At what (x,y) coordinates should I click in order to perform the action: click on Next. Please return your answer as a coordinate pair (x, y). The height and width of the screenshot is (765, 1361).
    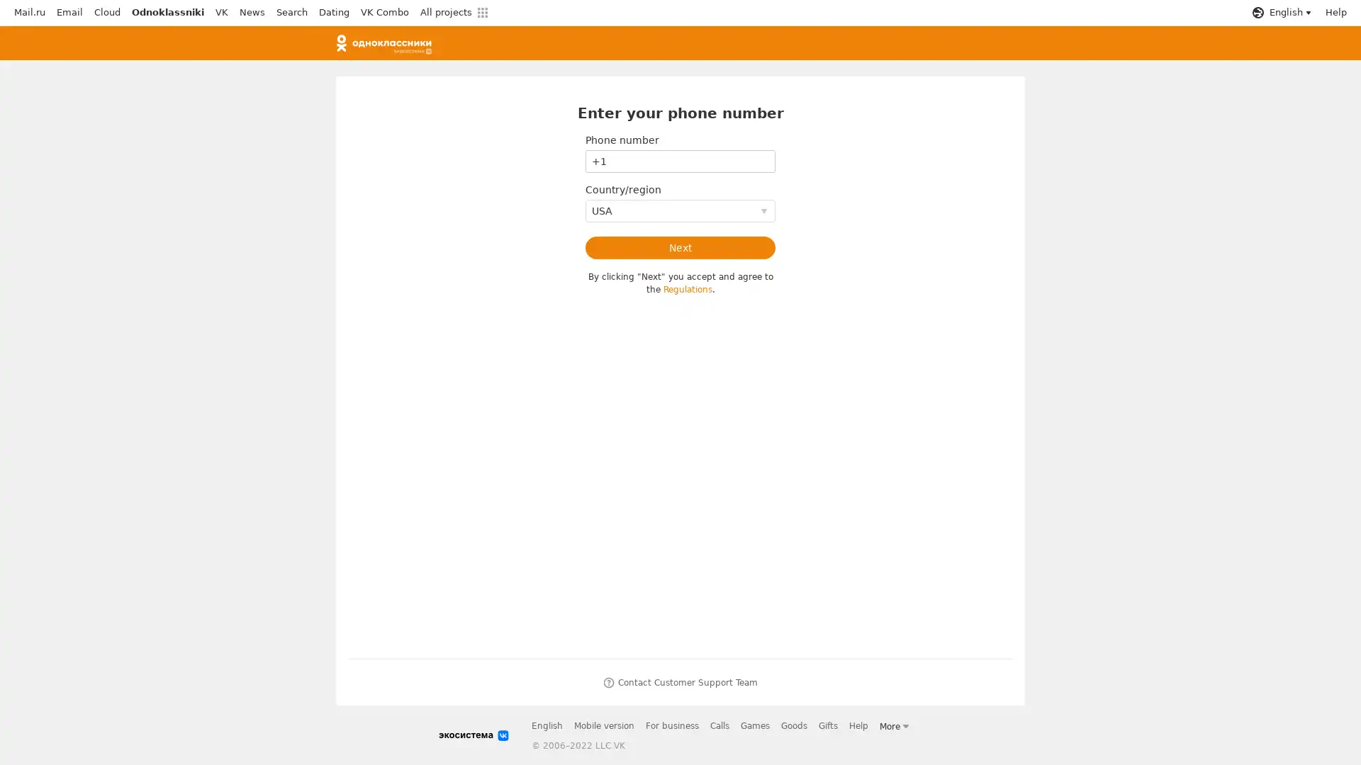
    Looking at the image, I should click on (680, 247).